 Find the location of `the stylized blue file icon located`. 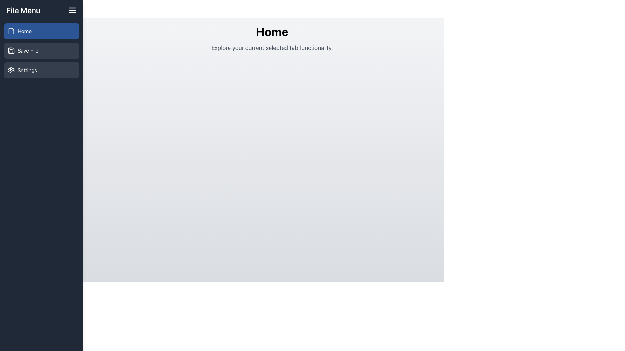

the stylized blue file icon located is located at coordinates (11, 31).